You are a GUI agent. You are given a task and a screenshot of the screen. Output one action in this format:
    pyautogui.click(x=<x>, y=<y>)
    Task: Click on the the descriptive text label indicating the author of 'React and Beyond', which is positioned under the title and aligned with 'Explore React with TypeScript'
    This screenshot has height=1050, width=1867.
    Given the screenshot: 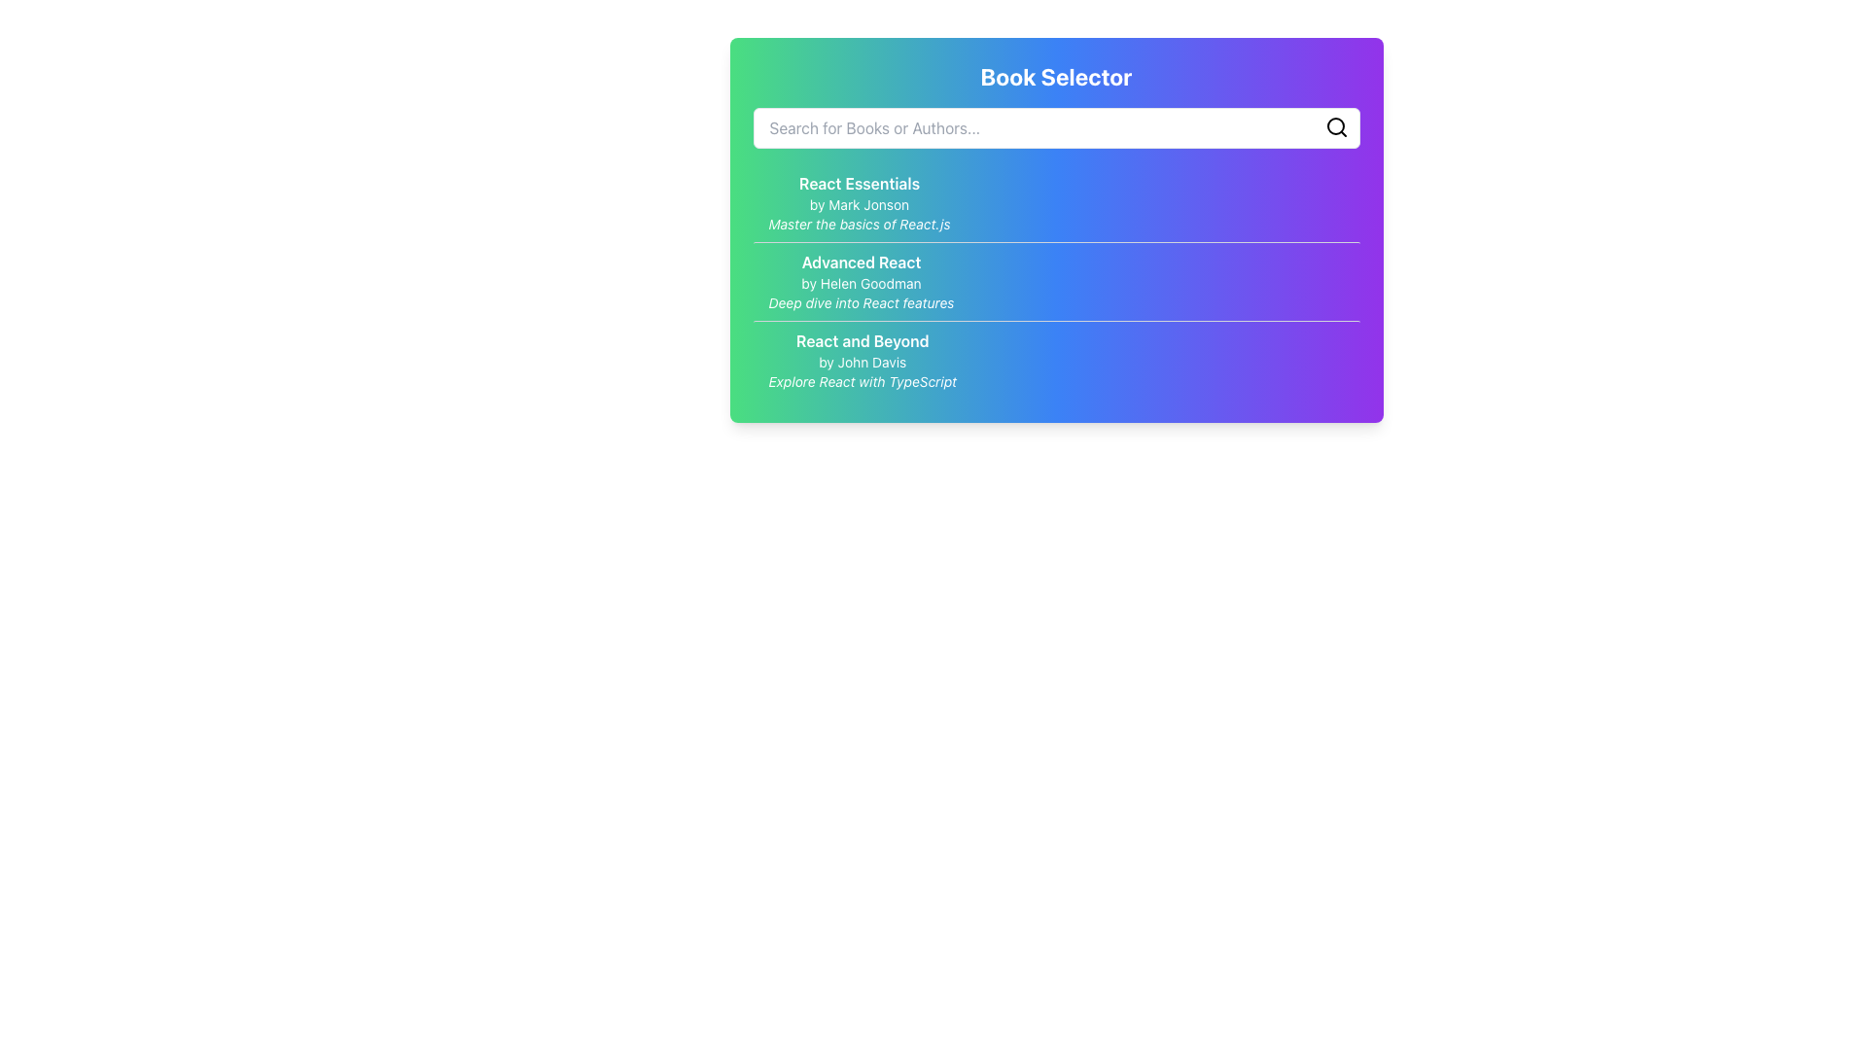 What is the action you would take?
    pyautogui.click(x=862, y=363)
    